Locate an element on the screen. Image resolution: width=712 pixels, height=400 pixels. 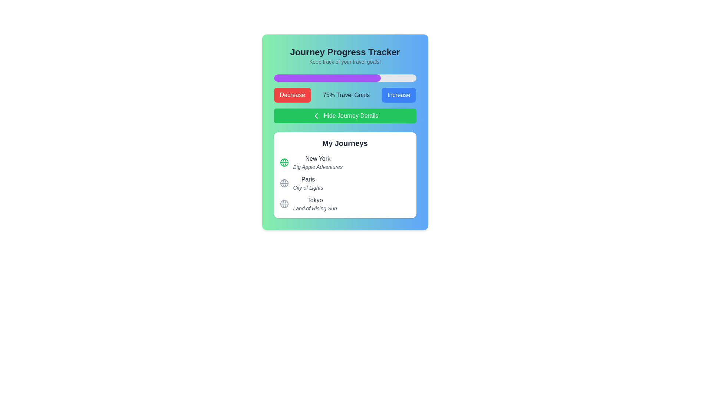
the descriptive subtitle text label located below 'Paris' in the 'My Journeys' section, which provides additional context about the city is located at coordinates (308, 187).